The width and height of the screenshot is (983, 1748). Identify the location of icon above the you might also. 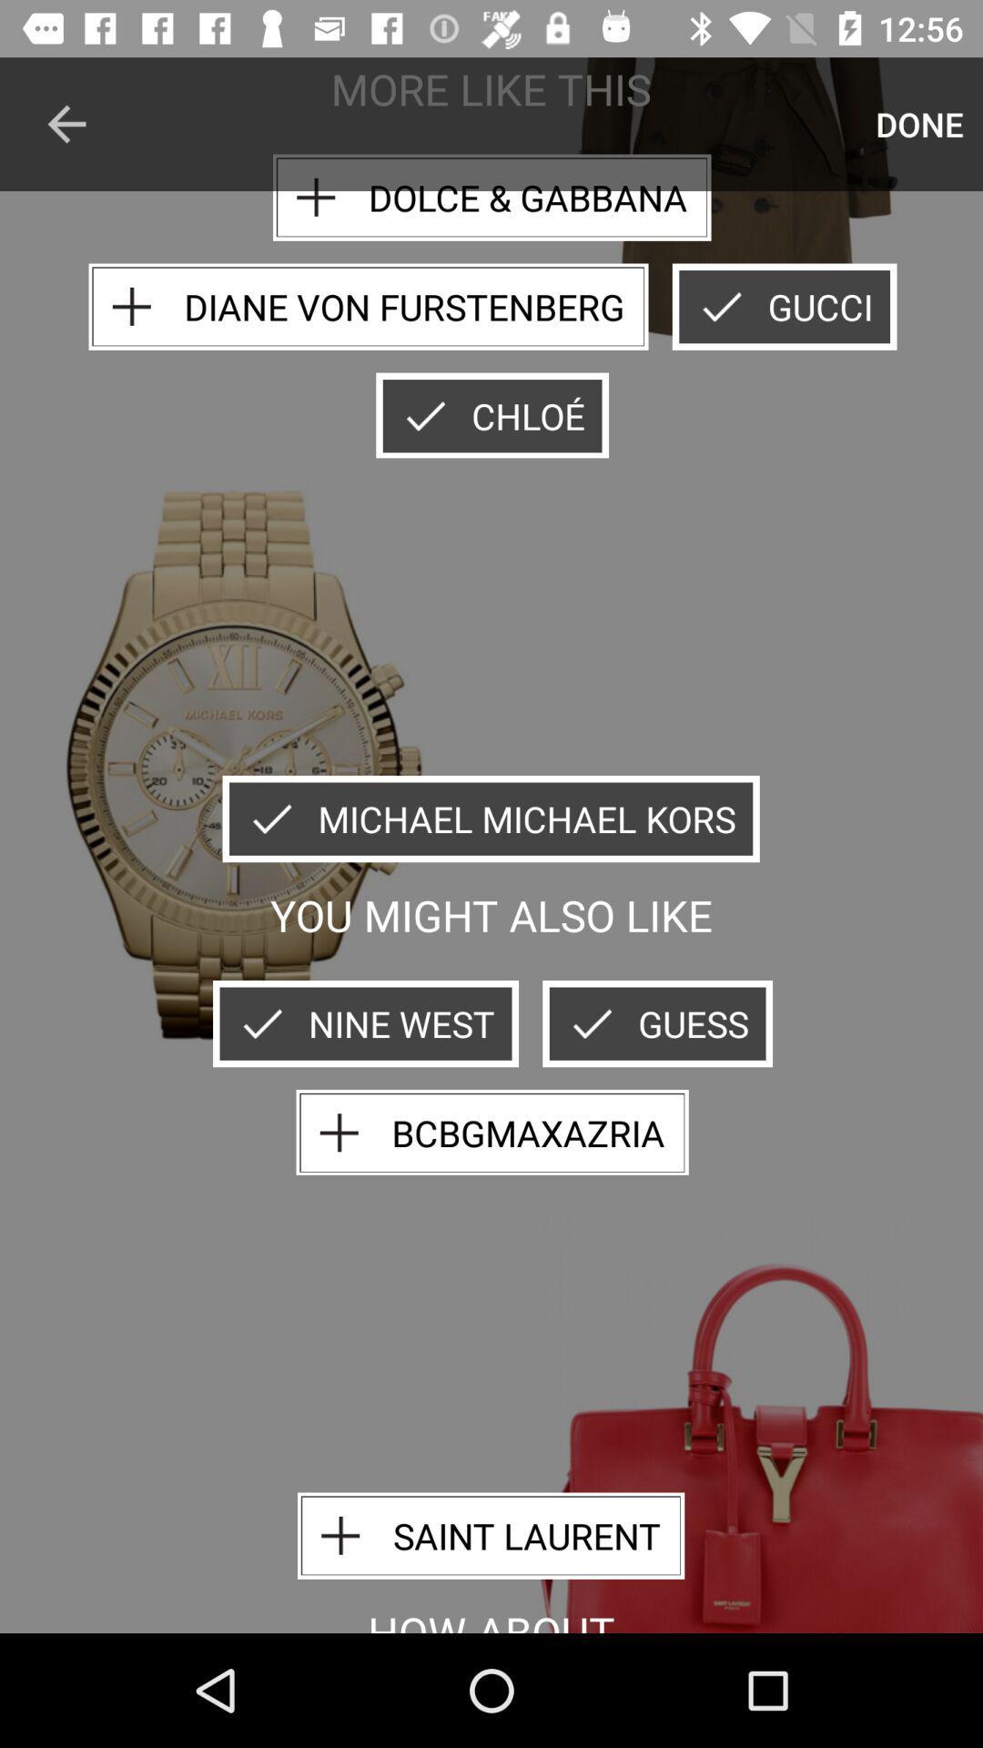
(490, 818).